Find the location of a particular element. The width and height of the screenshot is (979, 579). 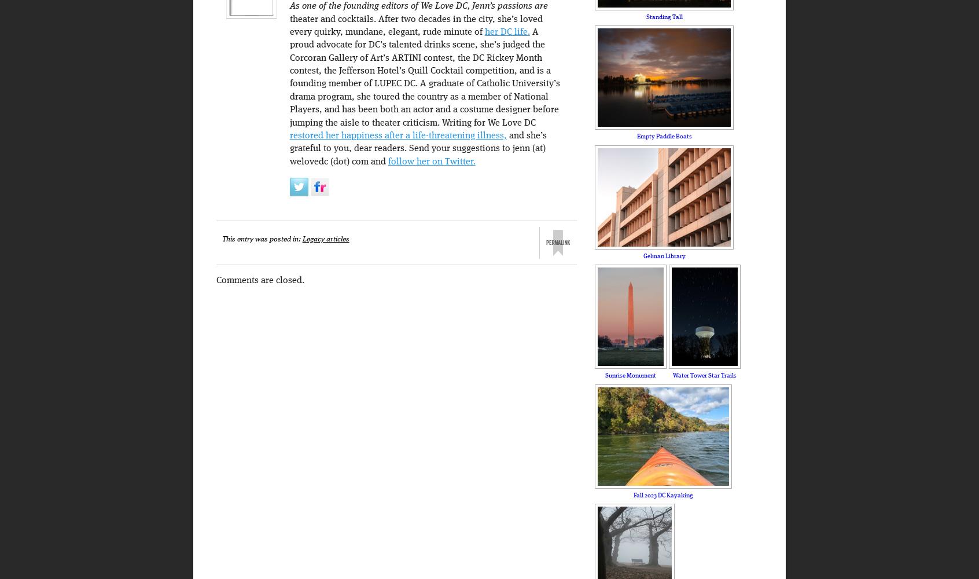

'follow her on Twitter.' is located at coordinates (430, 162).